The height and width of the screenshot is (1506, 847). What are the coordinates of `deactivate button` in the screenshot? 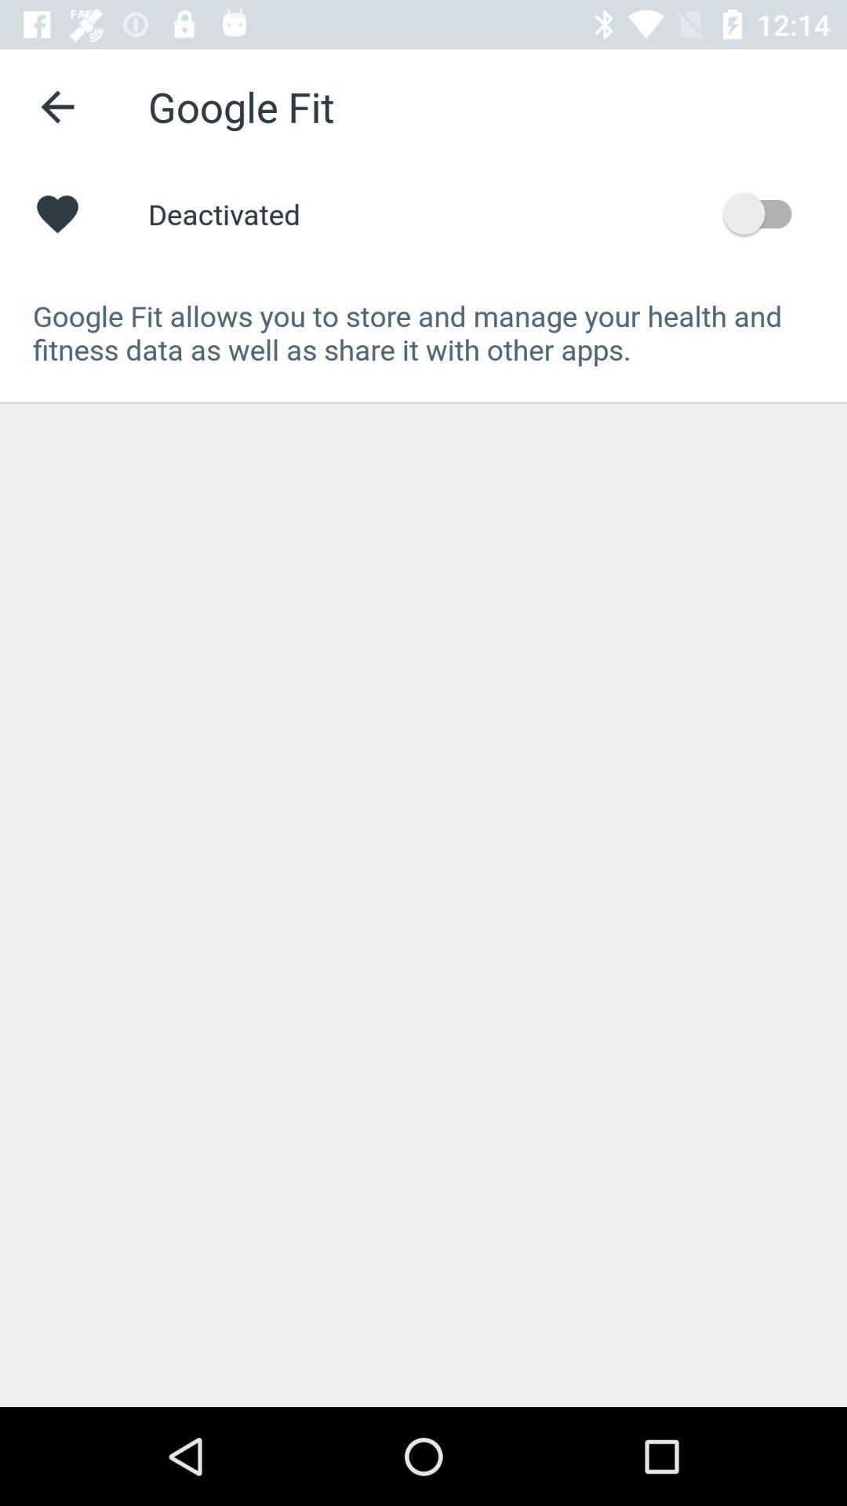 It's located at (764, 213).